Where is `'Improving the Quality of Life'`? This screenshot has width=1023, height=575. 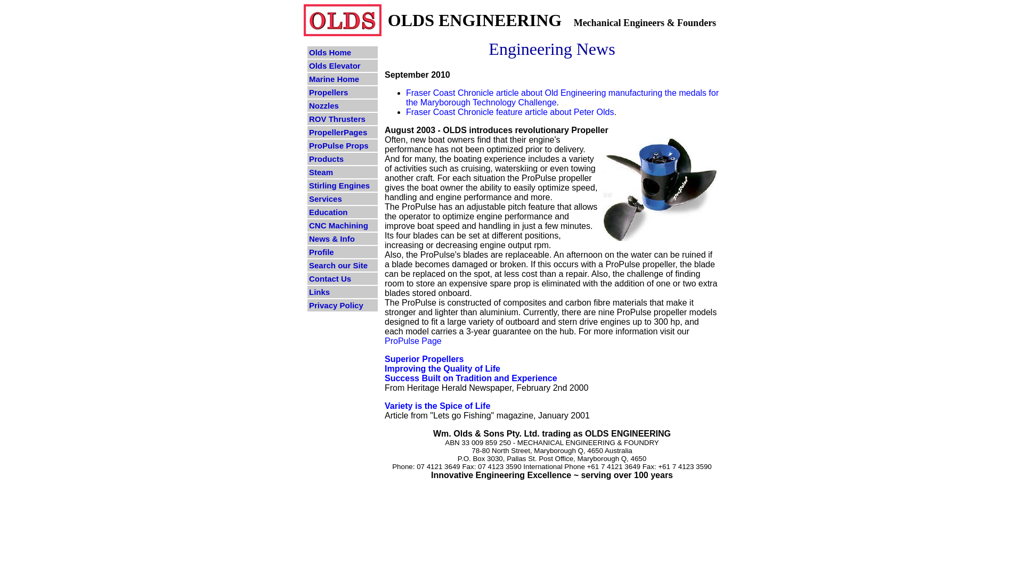 'Improving the Quality of Life' is located at coordinates (442, 373).